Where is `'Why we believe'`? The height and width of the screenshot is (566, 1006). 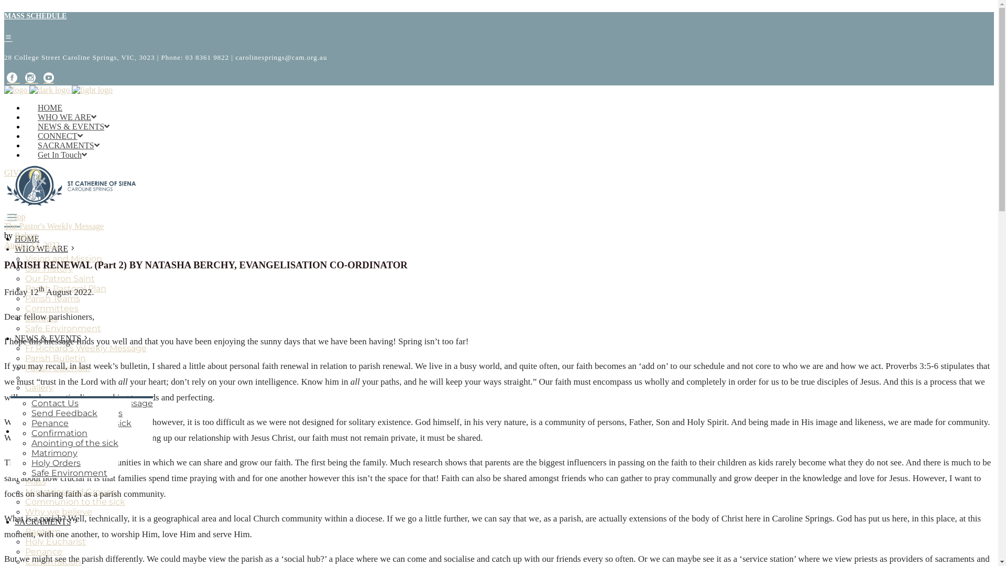 'Why we believe' is located at coordinates (58, 510).